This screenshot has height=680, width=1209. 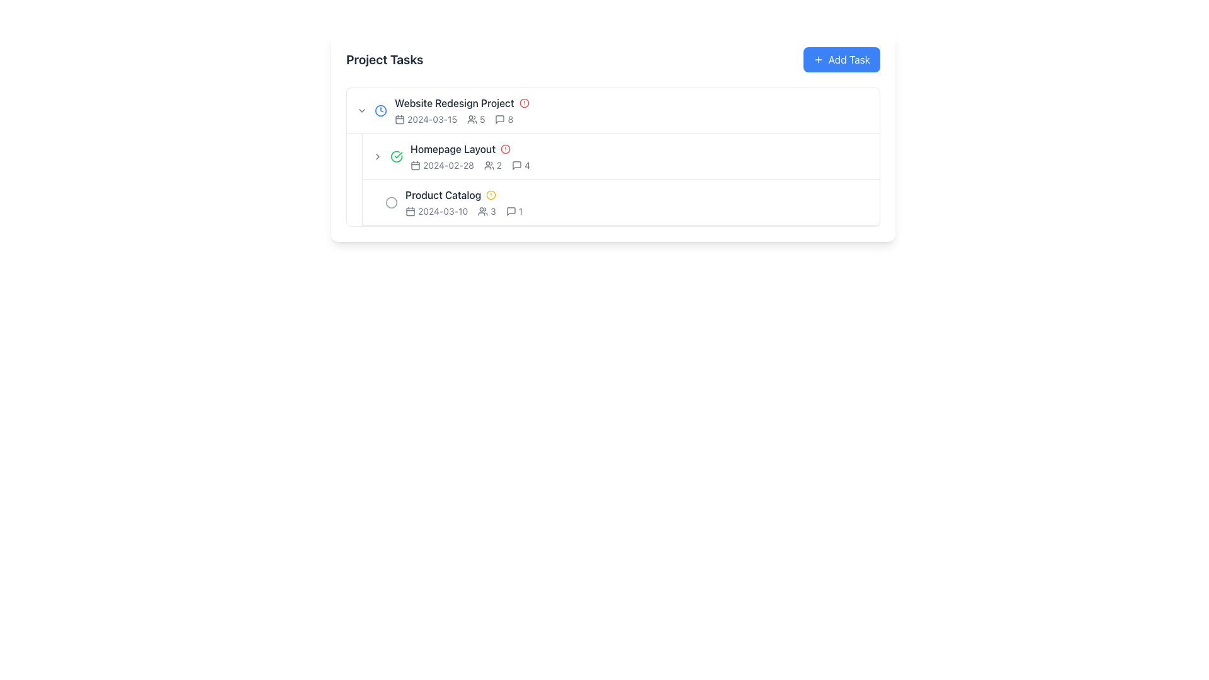 I want to click on the Calendar icon located in the 'Product Catalog' row under the date '2024-03-10' in the 'Project Tasks' interface, so click(x=411, y=210).